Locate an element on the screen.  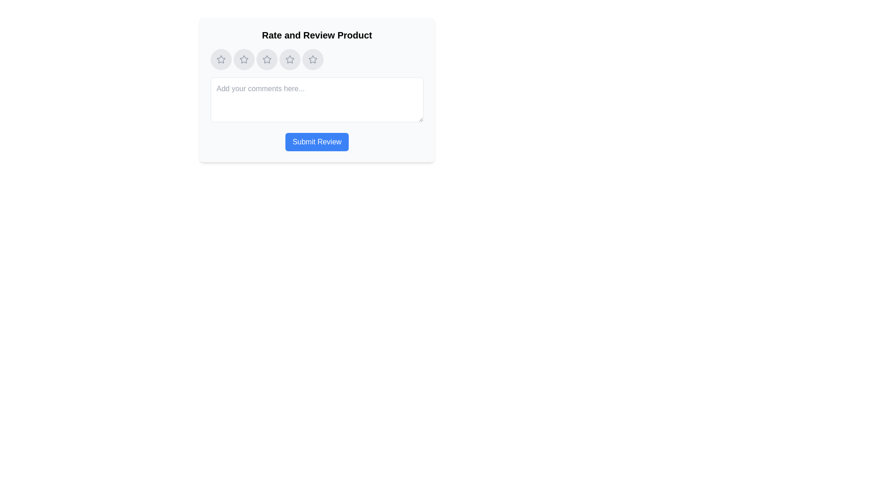
the second star-shaped rating icon with a gray outline is located at coordinates (244, 60).